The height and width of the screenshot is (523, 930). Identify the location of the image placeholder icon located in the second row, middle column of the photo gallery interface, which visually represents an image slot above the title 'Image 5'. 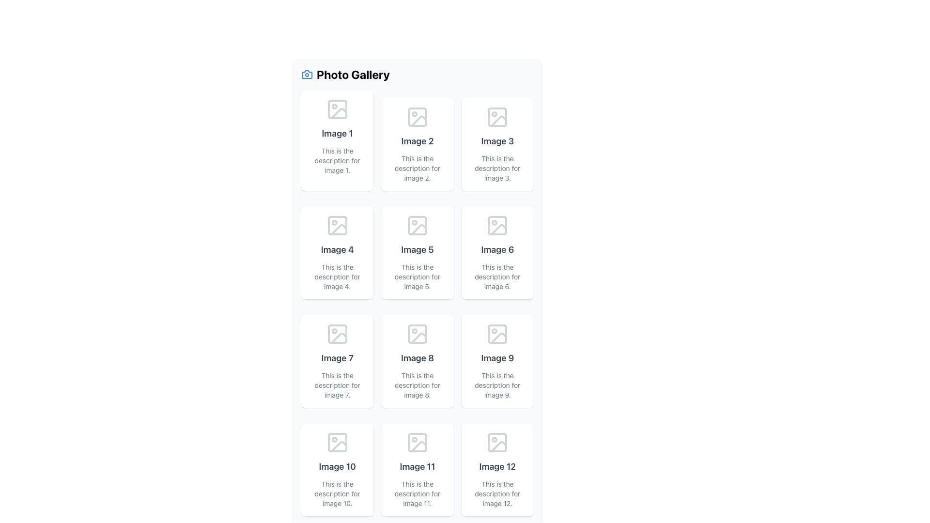
(417, 226).